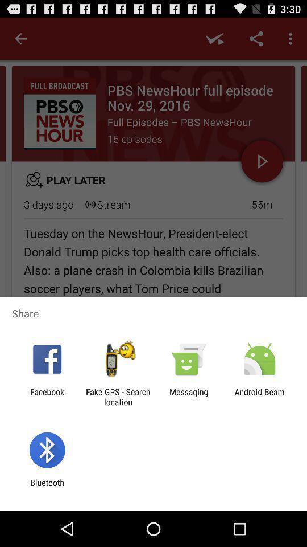 This screenshot has height=547, width=307. What do you see at coordinates (117, 397) in the screenshot?
I see `item to the left of the messaging app` at bounding box center [117, 397].